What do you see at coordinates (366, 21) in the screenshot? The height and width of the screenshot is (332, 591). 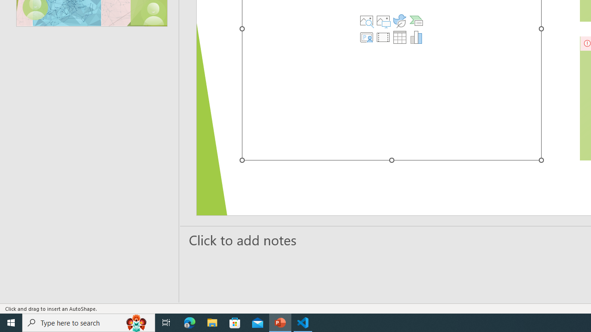 I see `'Stock Images'` at bounding box center [366, 21].